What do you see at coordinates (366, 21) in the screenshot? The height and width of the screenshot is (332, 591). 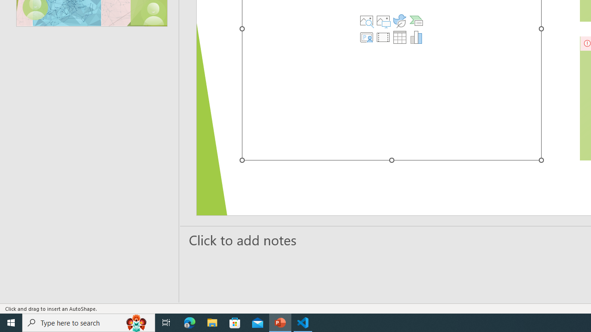 I see `'Stock Images'` at bounding box center [366, 21].